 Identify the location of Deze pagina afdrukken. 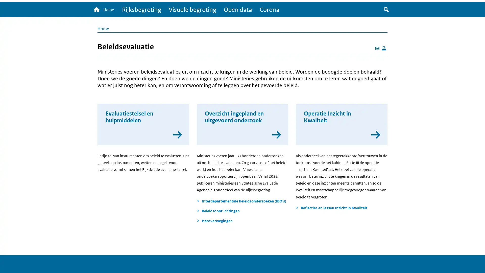
(384, 49).